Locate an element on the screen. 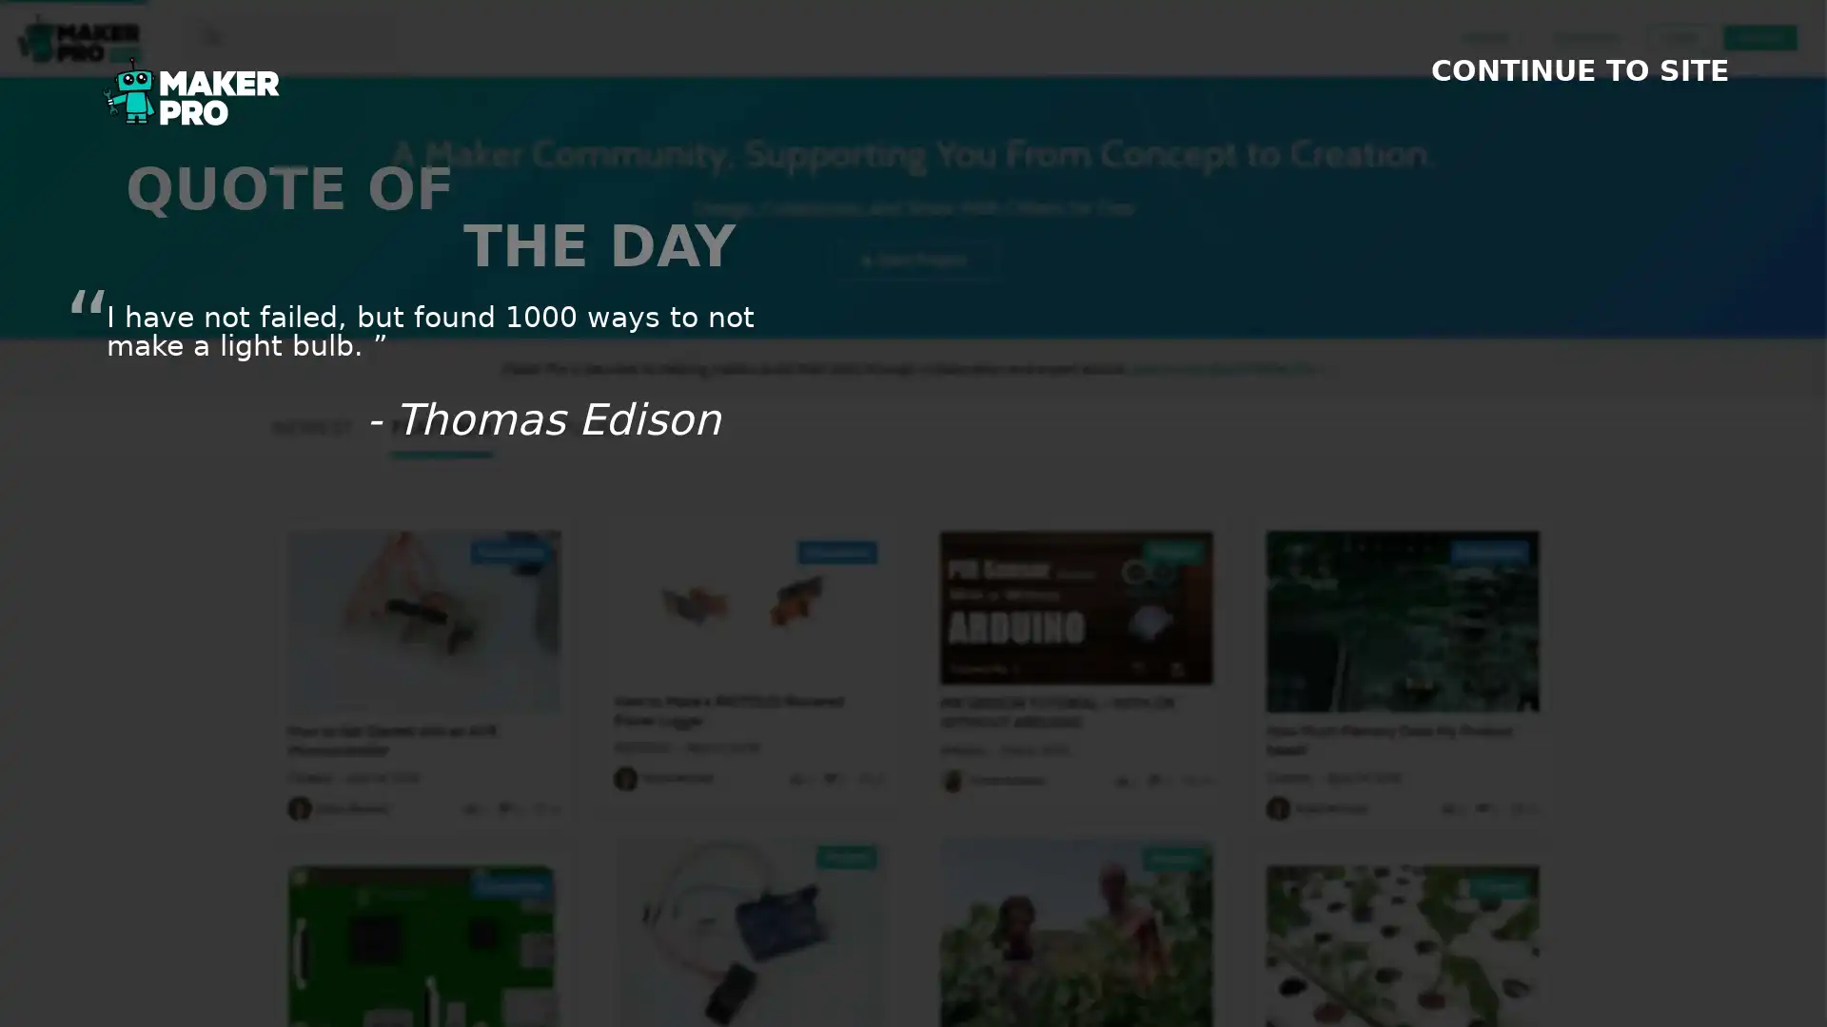  SHOW FOOTER is located at coordinates (1771, 1008).